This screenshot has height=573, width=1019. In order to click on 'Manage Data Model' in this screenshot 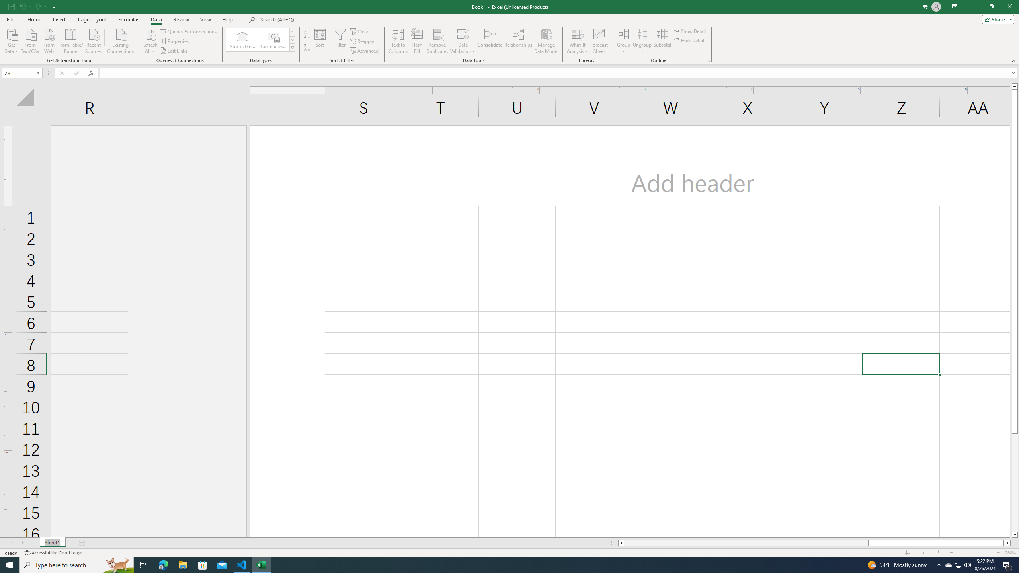, I will do `click(546, 41)`.